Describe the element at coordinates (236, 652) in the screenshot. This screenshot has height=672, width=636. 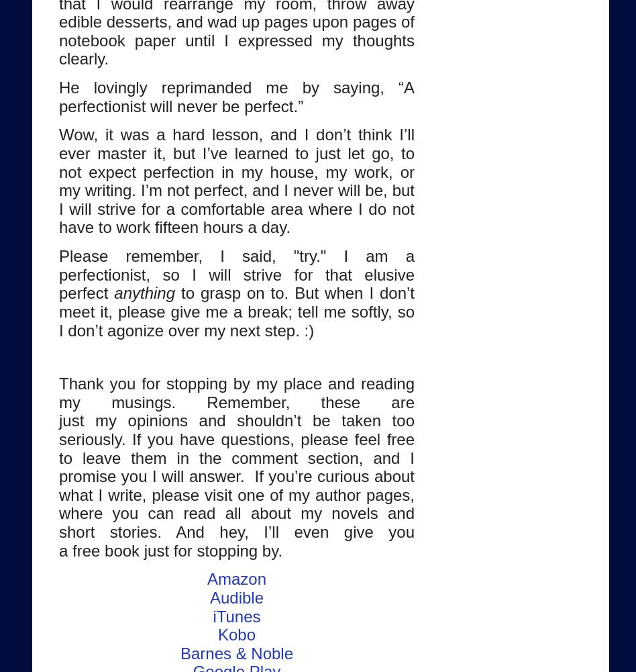
I see `'Barnes & Noble'` at that location.